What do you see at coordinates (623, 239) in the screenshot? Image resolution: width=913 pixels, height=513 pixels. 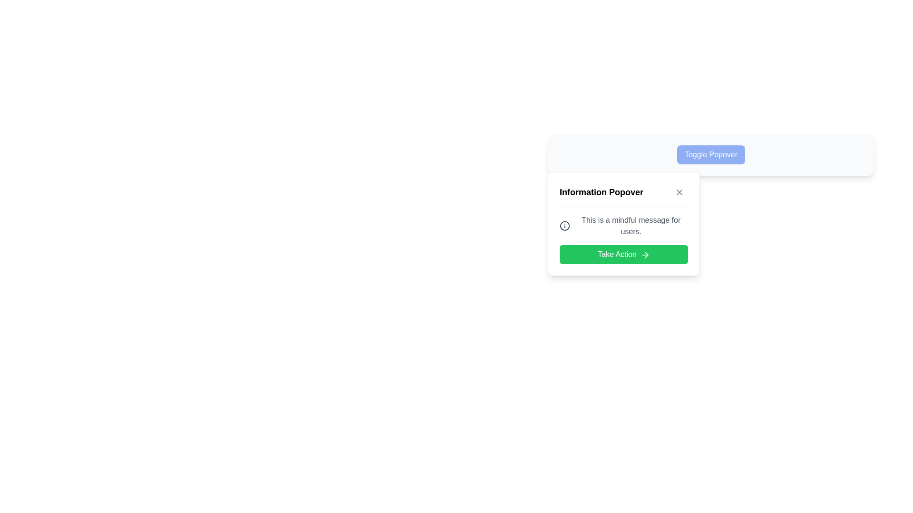 I see `the interactive informational component with a button located inside the 'Information Popover' to trigger tooltip or style changes` at bounding box center [623, 239].